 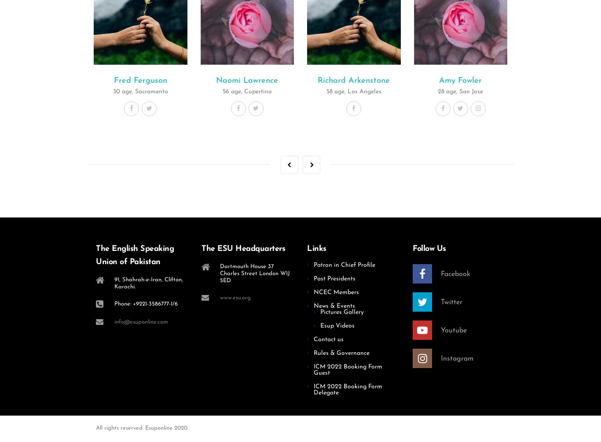 I want to click on '91, Shahrah-e-Iran, Clifton, Karachi.', so click(x=148, y=282).